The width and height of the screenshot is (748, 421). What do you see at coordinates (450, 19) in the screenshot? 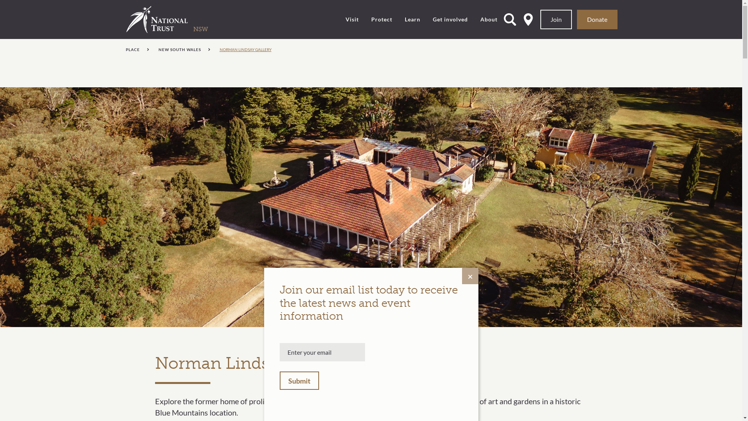
I see `'Get involved'` at bounding box center [450, 19].